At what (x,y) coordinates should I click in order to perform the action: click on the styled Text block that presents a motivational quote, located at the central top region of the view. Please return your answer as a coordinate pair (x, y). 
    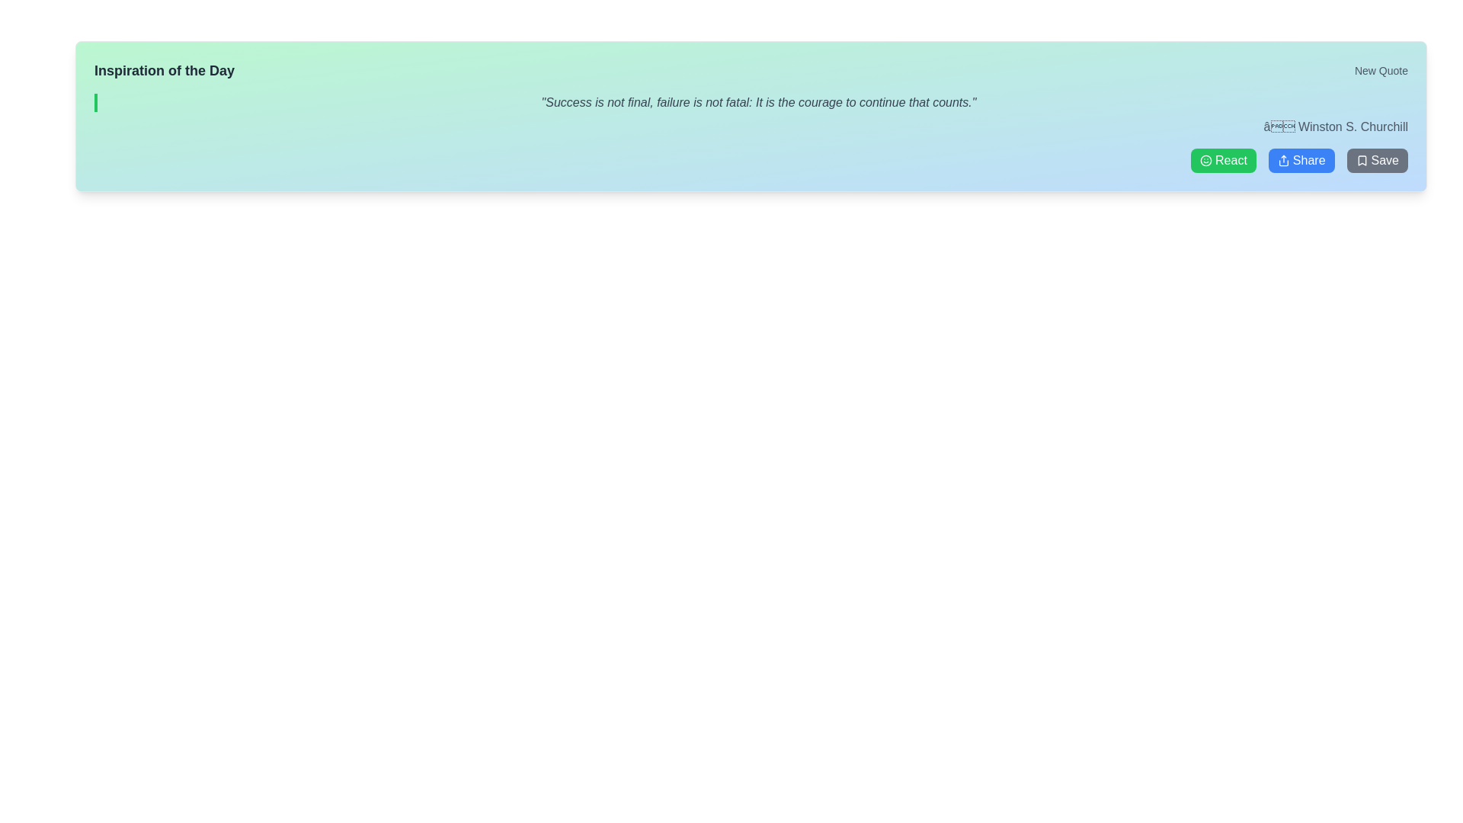
    Looking at the image, I should click on (751, 103).